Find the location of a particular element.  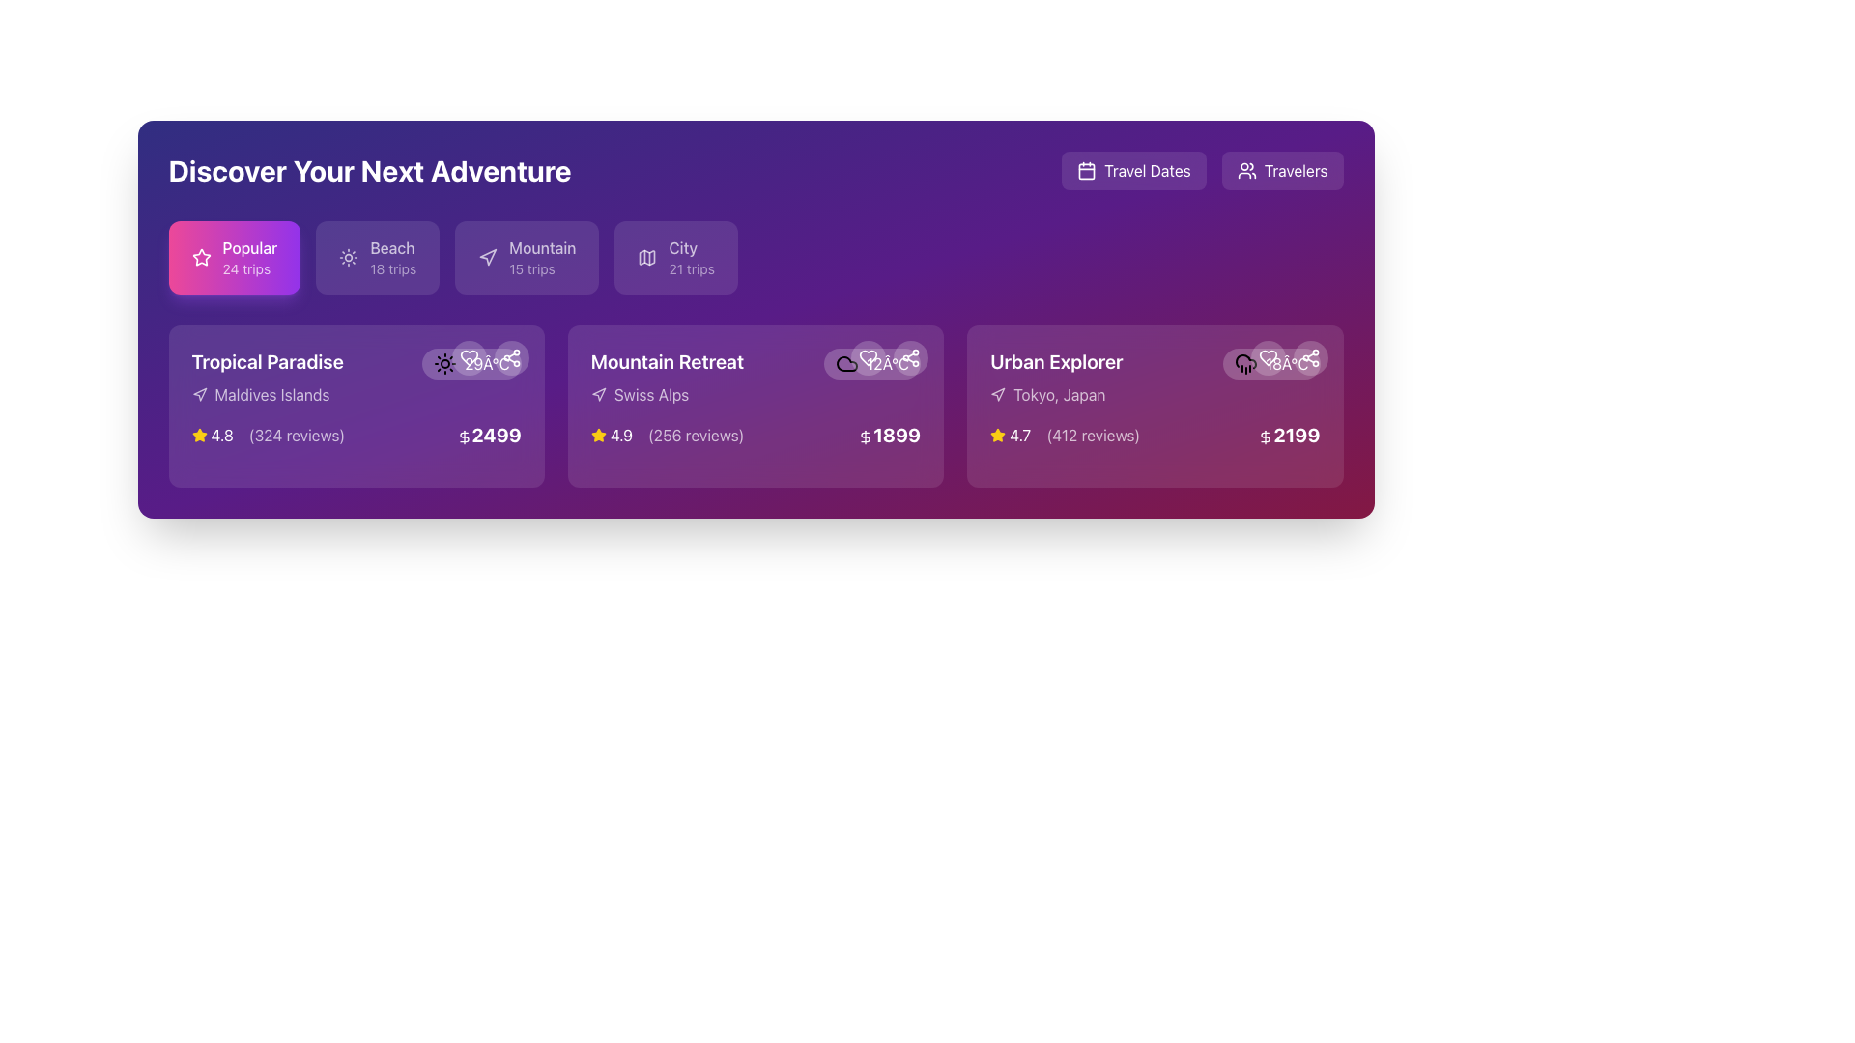

the informational component displaying the aggregate rating and review count for 'Tropical Paradise', located beneath 'Maldives Islands' and to the left of the price details '$2499' is located at coordinates (267, 436).